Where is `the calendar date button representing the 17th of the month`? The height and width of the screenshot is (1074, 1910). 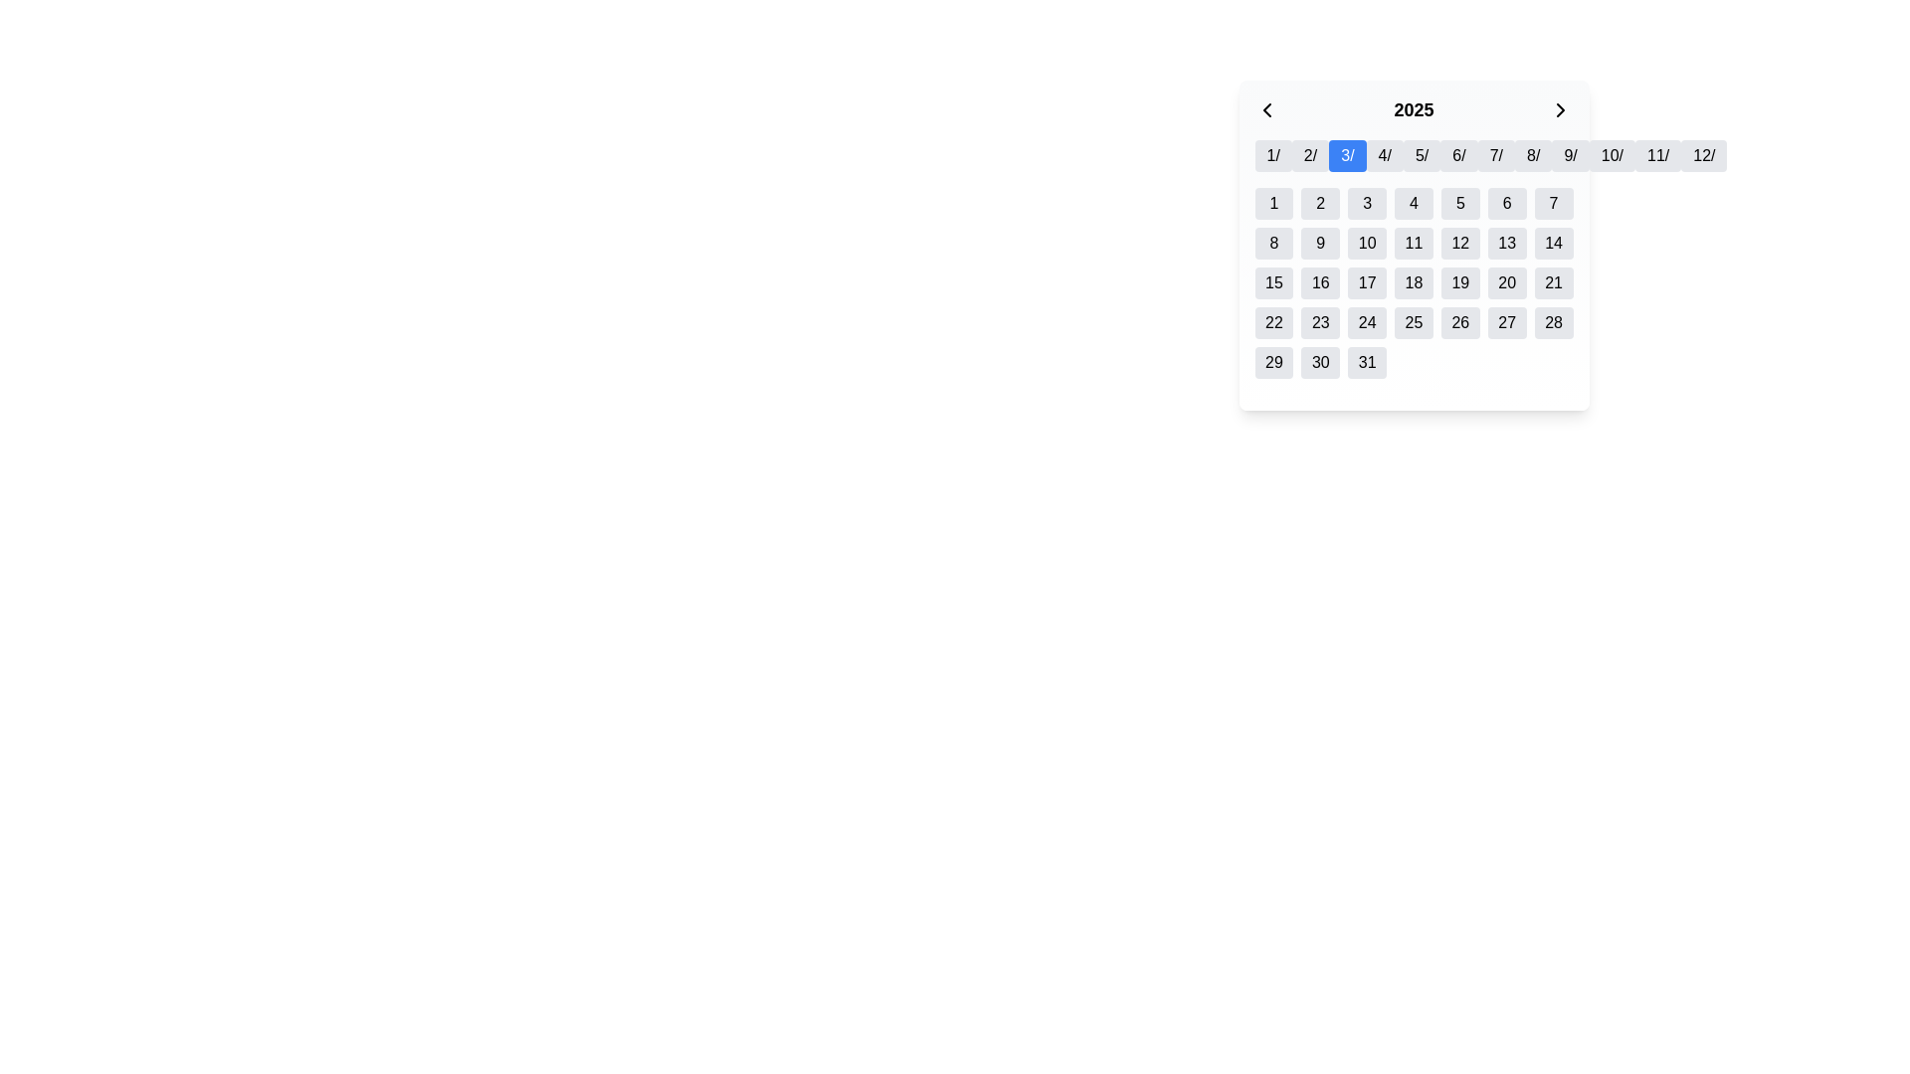
the calendar date button representing the 17th of the month is located at coordinates (1366, 283).